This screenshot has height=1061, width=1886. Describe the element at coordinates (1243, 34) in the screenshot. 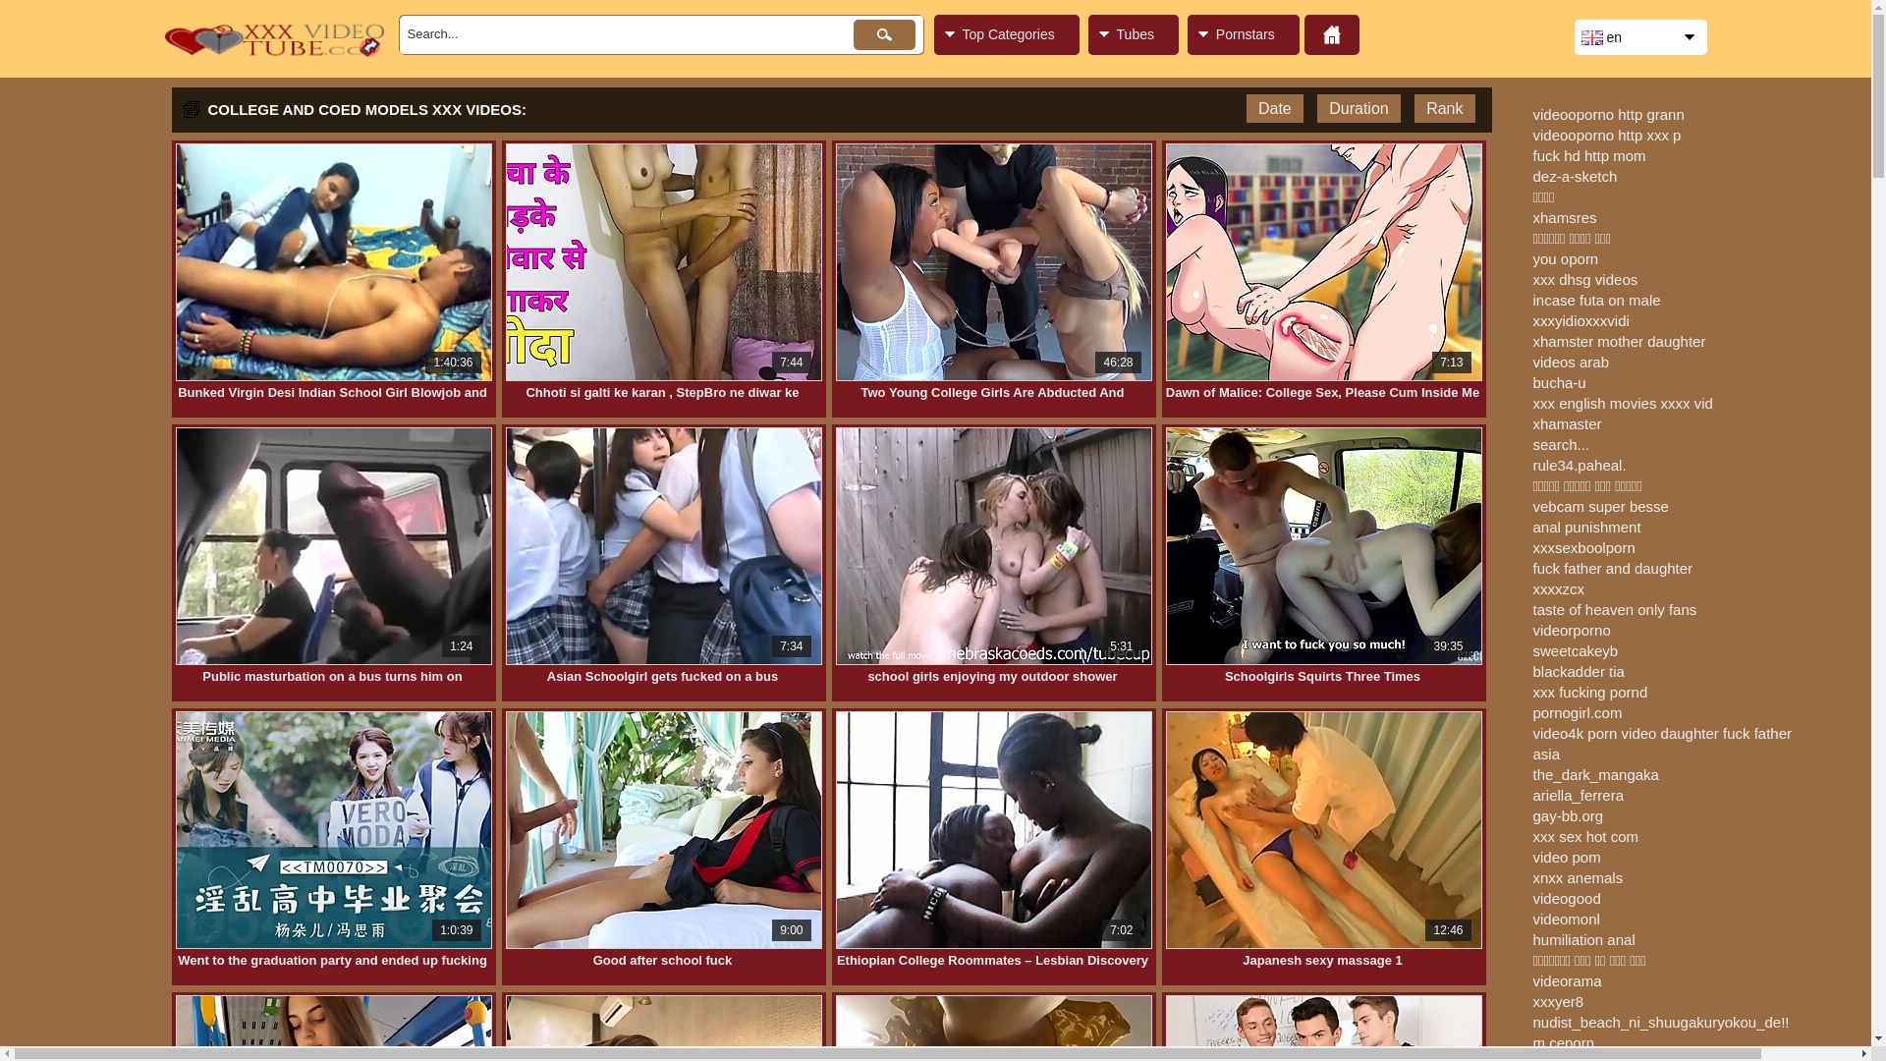

I see `'Pornstars'` at that location.